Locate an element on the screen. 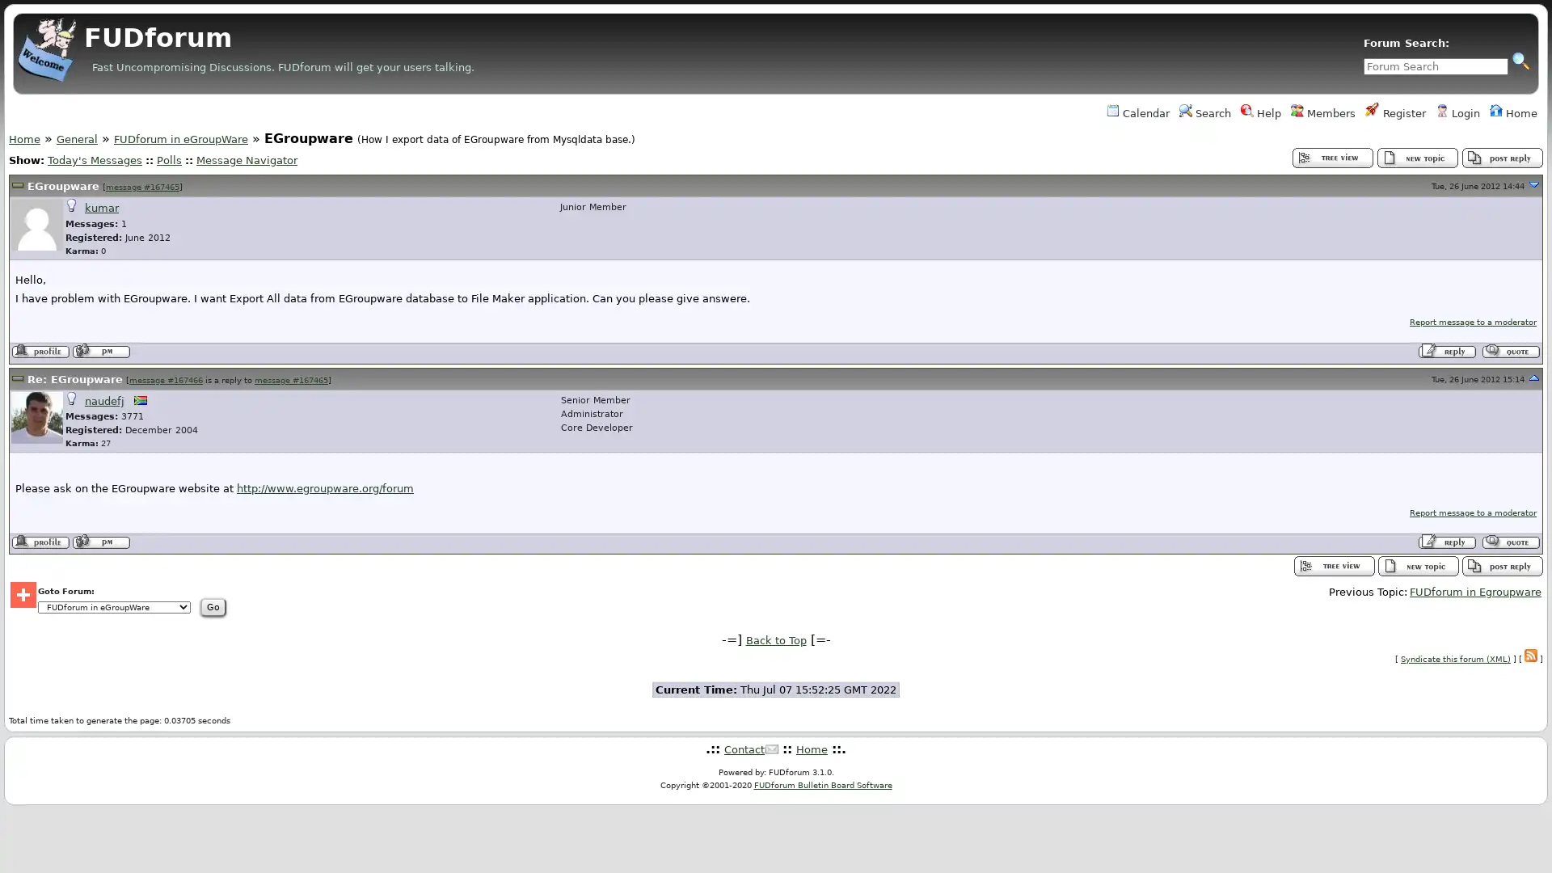  Search is located at coordinates (1520, 59).